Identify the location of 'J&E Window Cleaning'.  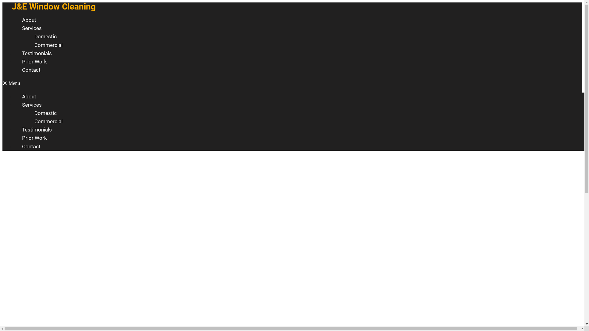
(12, 6).